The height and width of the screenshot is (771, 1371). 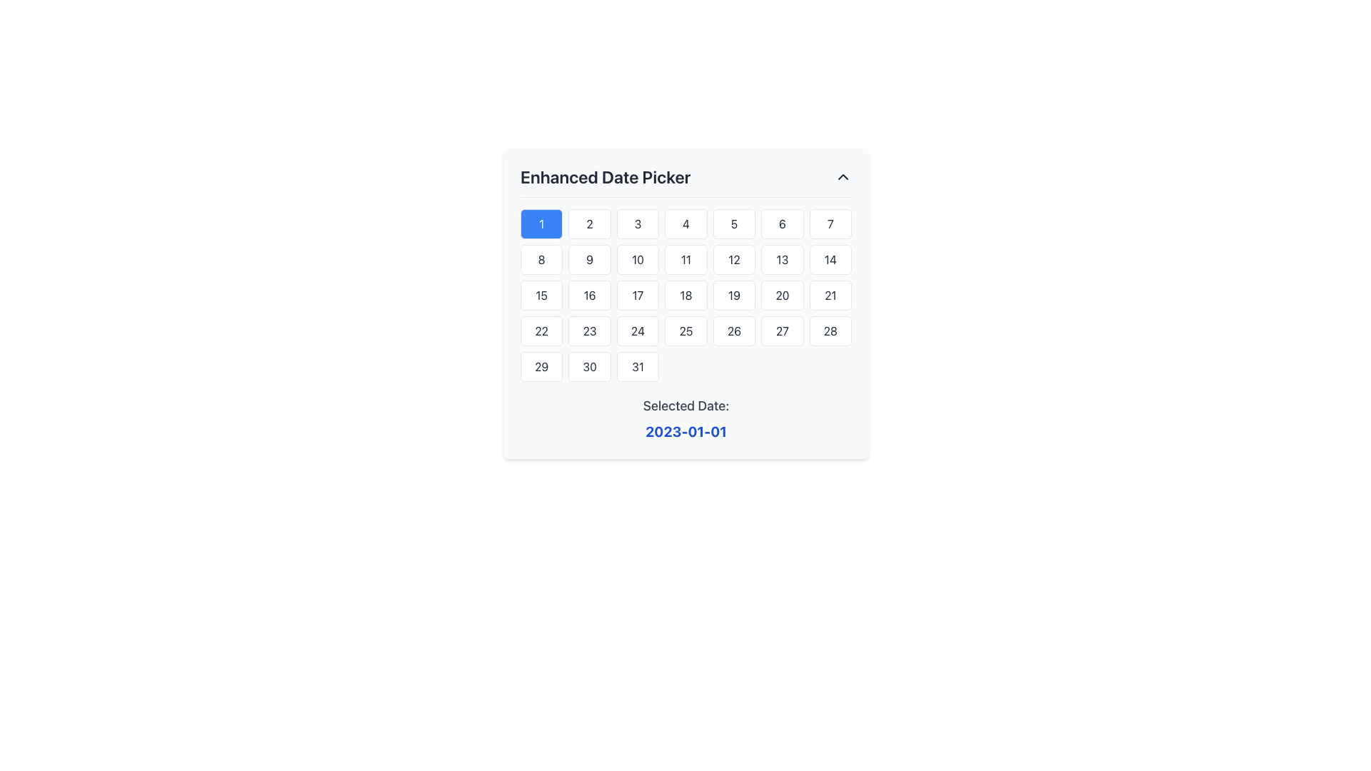 What do you see at coordinates (541, 294) in the screenshot?
I see `the calendar date button displaying the number '15'` at bounding box center [541, 294].